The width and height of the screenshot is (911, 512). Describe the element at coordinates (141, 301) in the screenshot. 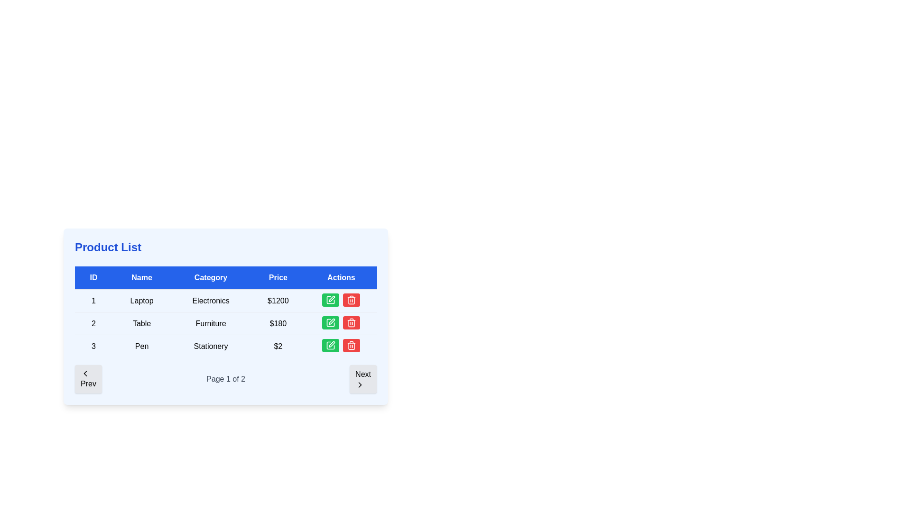

I see `the Text label for the product name in the 'Name' column of the table, corresponding to the first row labeled ID 1, adjacent to the 'Electronics' text` at that location.